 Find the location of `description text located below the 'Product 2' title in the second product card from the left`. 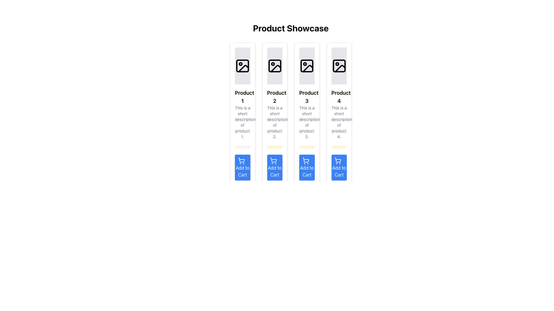

description text located below the 'Product 2' title in the second product card from the left is located at coordinates (274, 122).